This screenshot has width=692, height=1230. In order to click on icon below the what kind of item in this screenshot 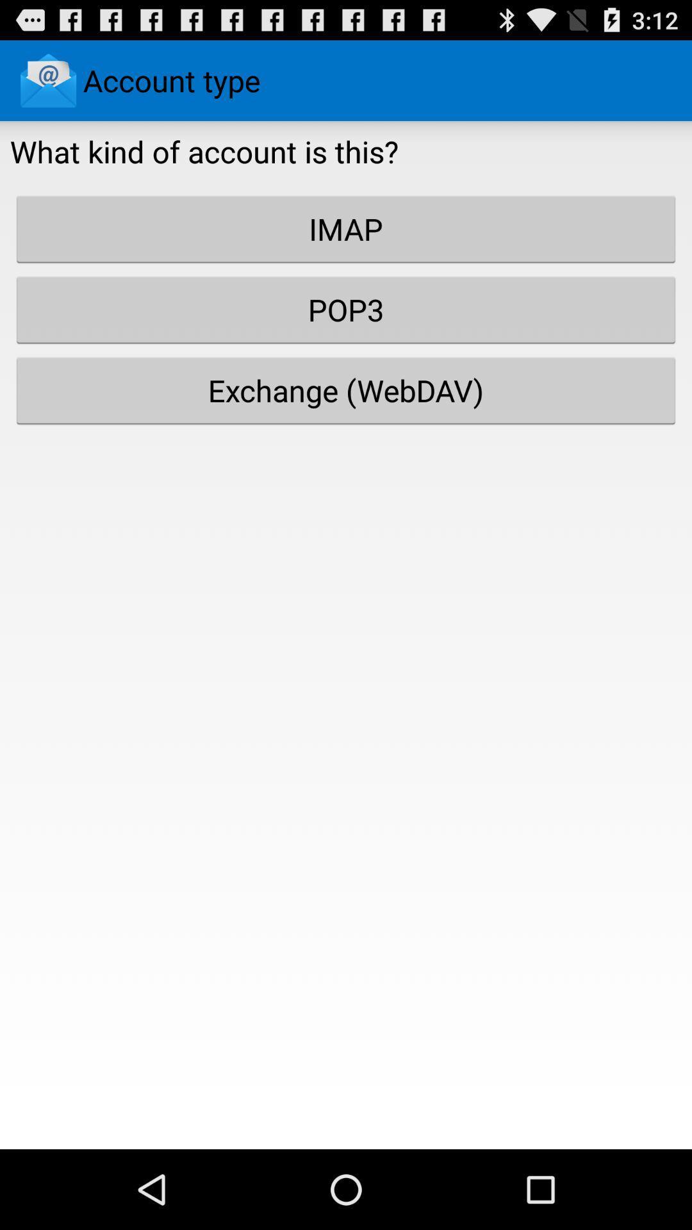, I will do `click(346, 229)`.